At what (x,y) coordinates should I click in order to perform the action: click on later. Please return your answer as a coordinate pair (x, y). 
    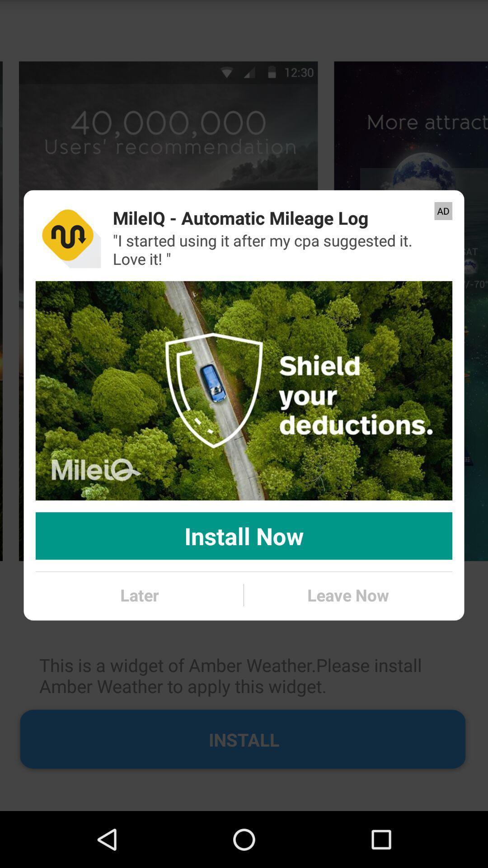
    Looking at the image, I should click on (139, 595).